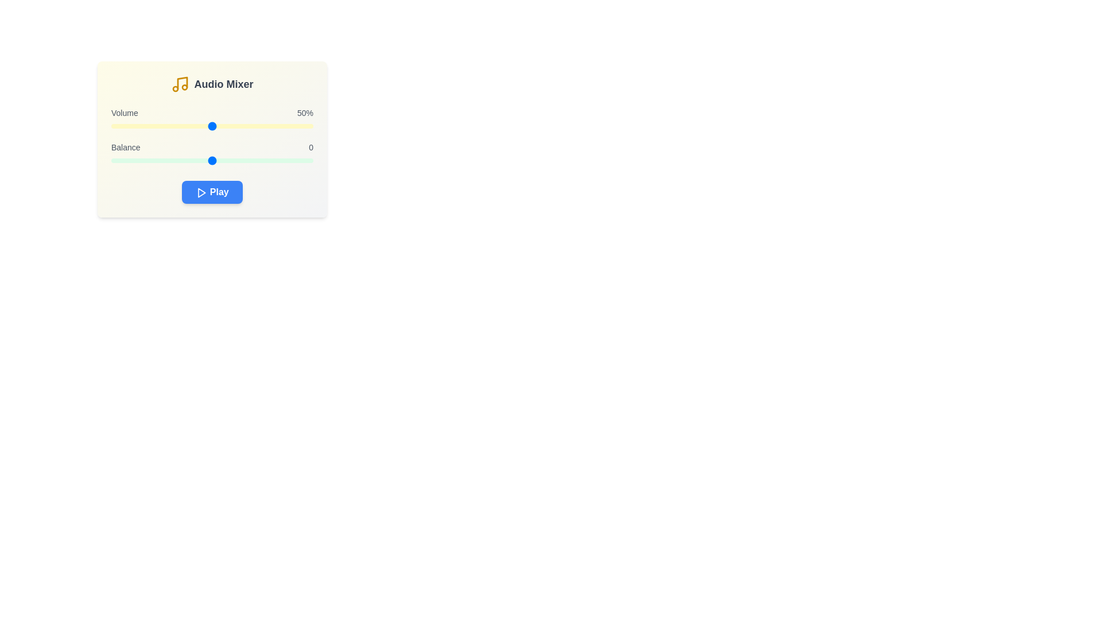  I want to click on the volume, so click(127, 126).